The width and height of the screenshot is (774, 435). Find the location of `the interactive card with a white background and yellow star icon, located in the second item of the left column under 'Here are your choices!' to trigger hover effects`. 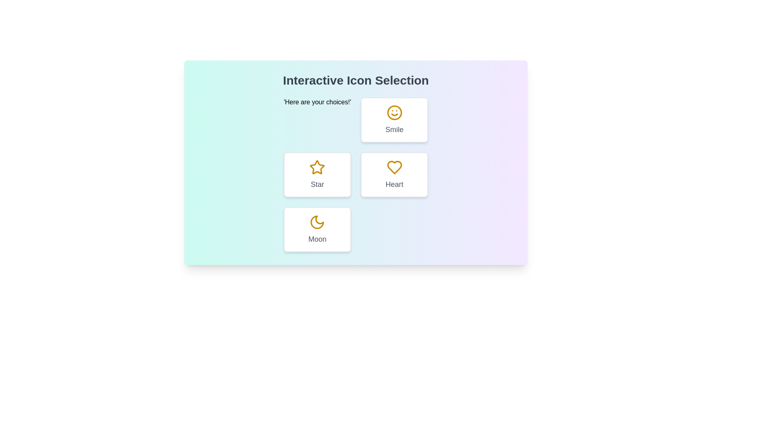

the interactive card with a white background and yellow star icon, located in the second item of the left column under 'Here are your choices!' to trigger hover effects is located at coordinates (317, 174).